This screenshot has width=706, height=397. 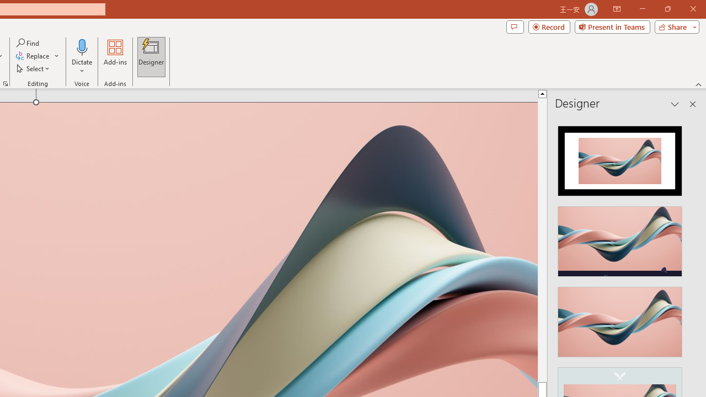 What do you see at coordinates (620, 158) in the screenshot?
I see `'Recommended Design: Design Idea'` at bounding box center [620, 158].